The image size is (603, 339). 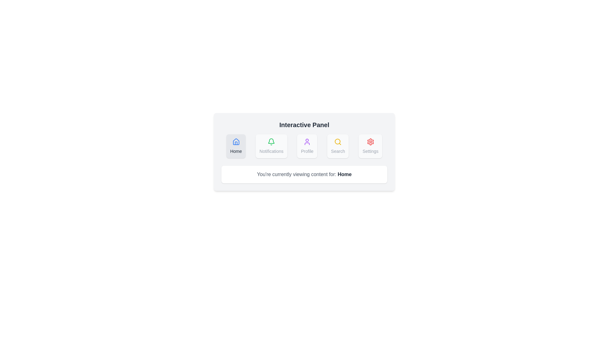 I want to click on the text label indicating the purpose of the associated profile icon at the bottom of the profile card within the third tile of the grid, so click(x=307, y=151).